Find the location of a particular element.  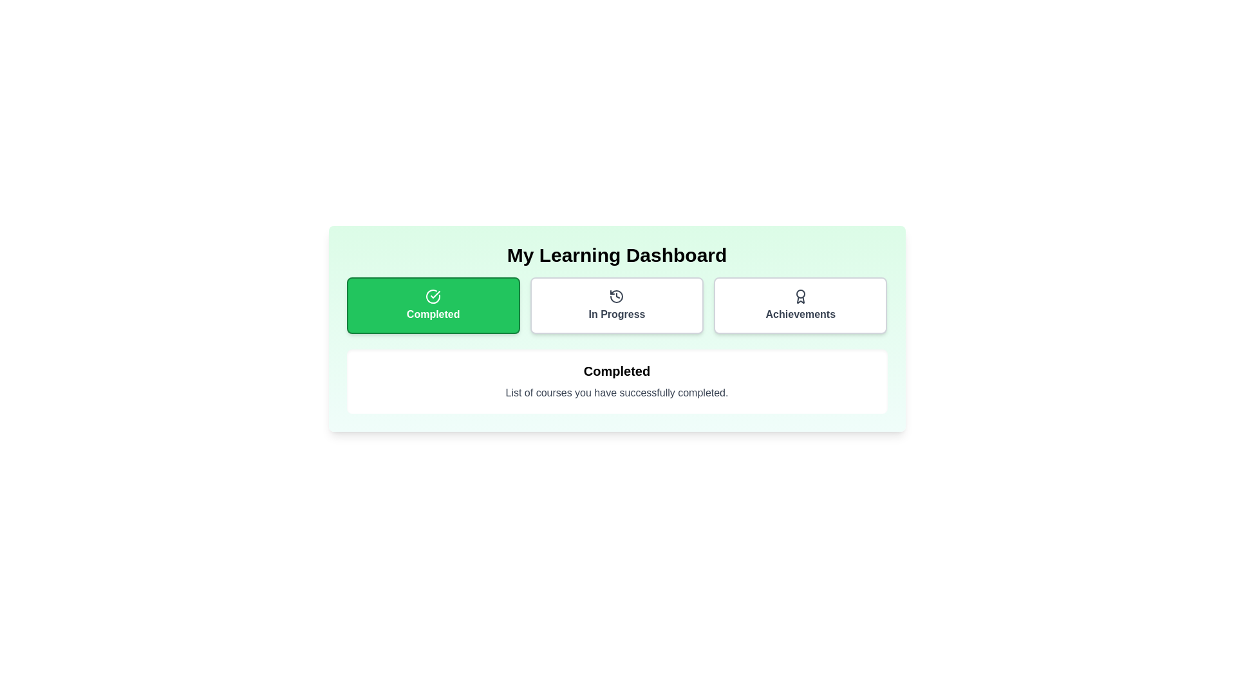

the Completed tab by clicking on it is located at coordinates (433, 305).